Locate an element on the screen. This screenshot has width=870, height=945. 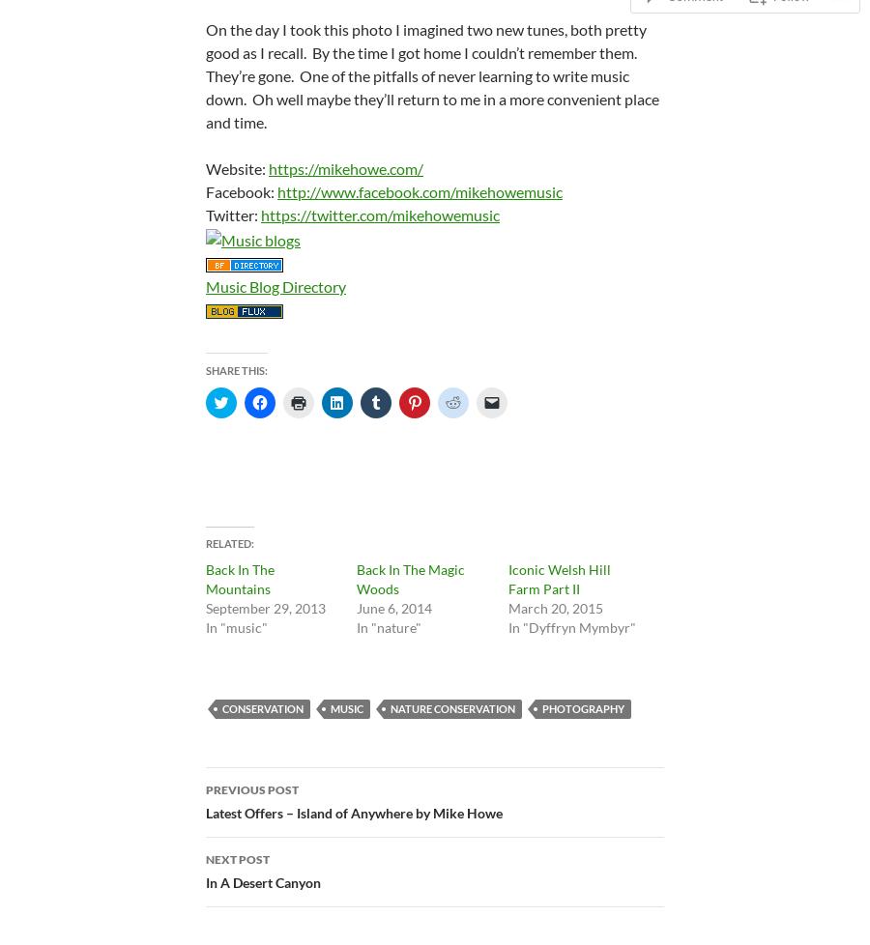
'https://mikehowe.com/' is located at coordinates (346, 167).